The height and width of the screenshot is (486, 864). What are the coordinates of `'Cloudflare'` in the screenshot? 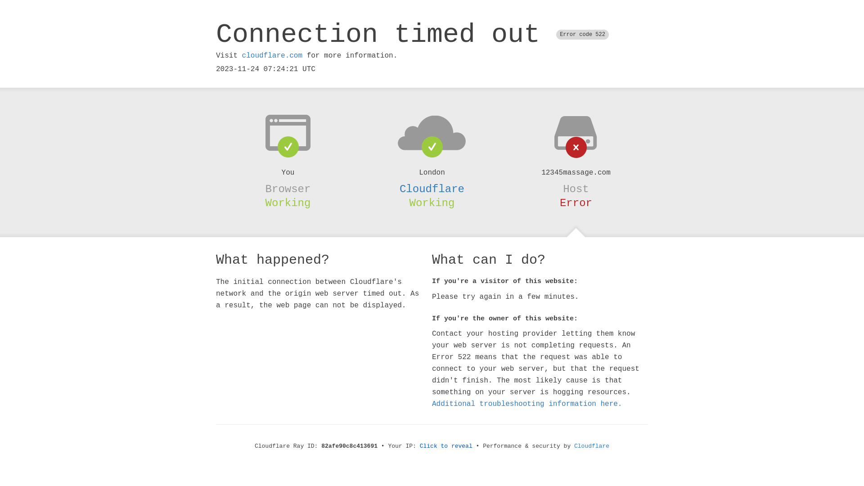 It's located at (432, 189).